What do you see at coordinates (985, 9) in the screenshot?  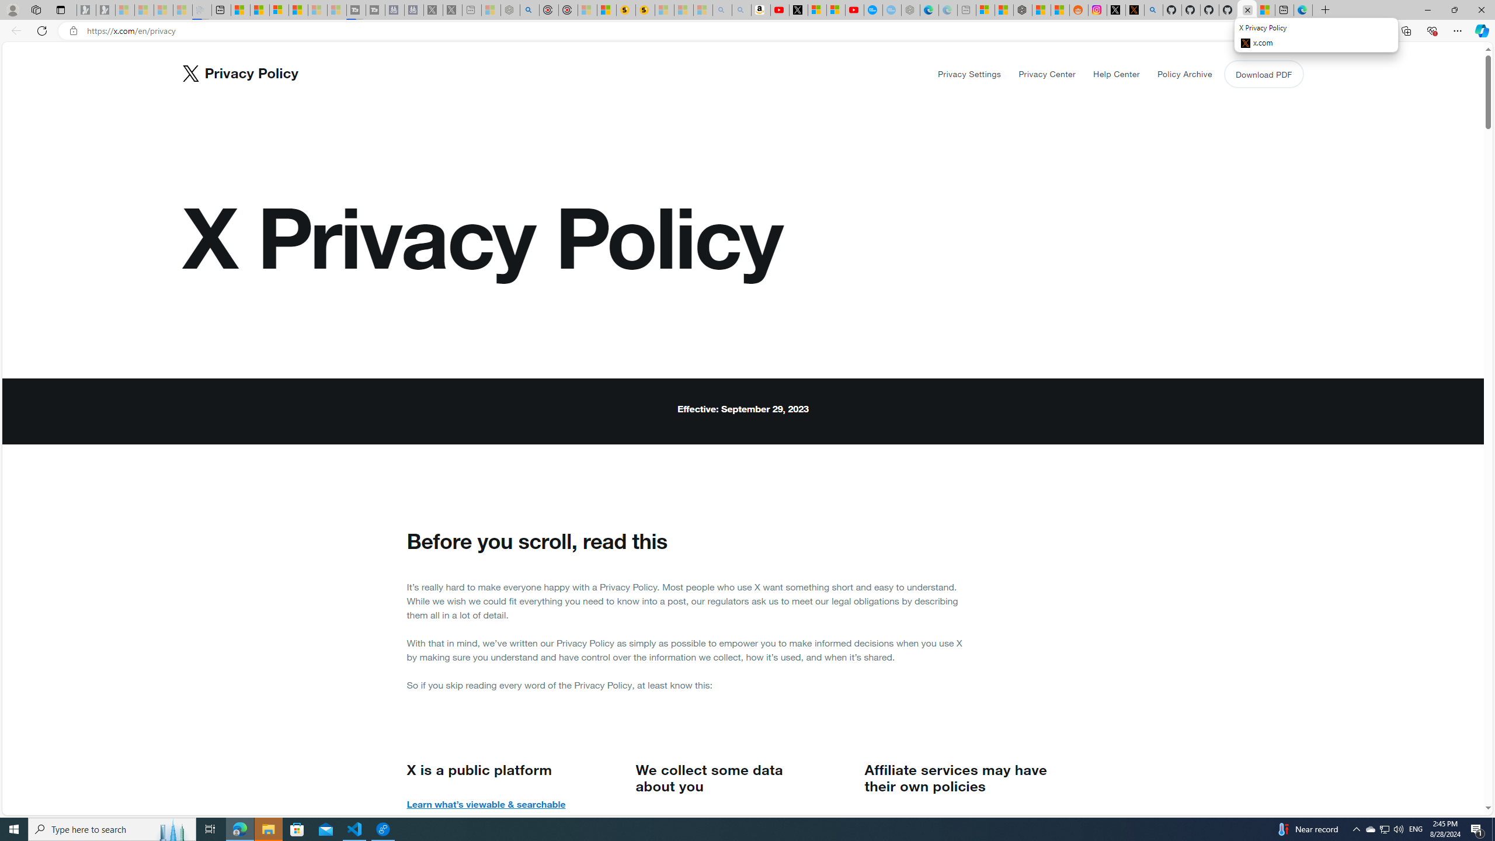 I see `'Microsoft account | Microsoft Account Privacy Settings'` at bounding box center [985, 9].